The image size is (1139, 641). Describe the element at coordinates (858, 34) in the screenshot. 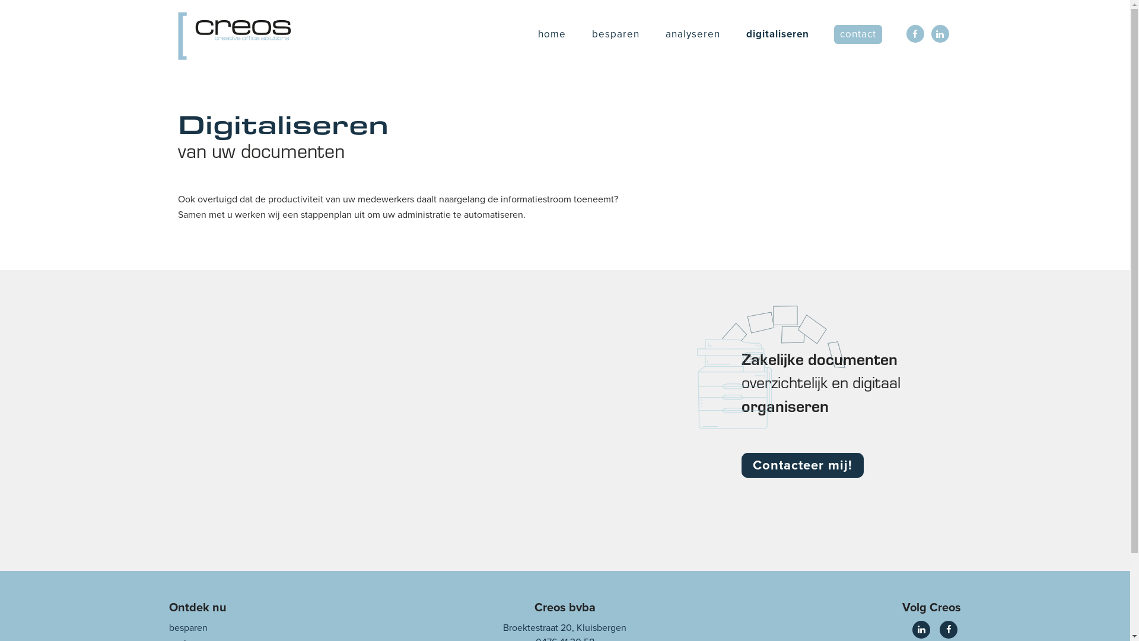

I see `'contact'` at that location.